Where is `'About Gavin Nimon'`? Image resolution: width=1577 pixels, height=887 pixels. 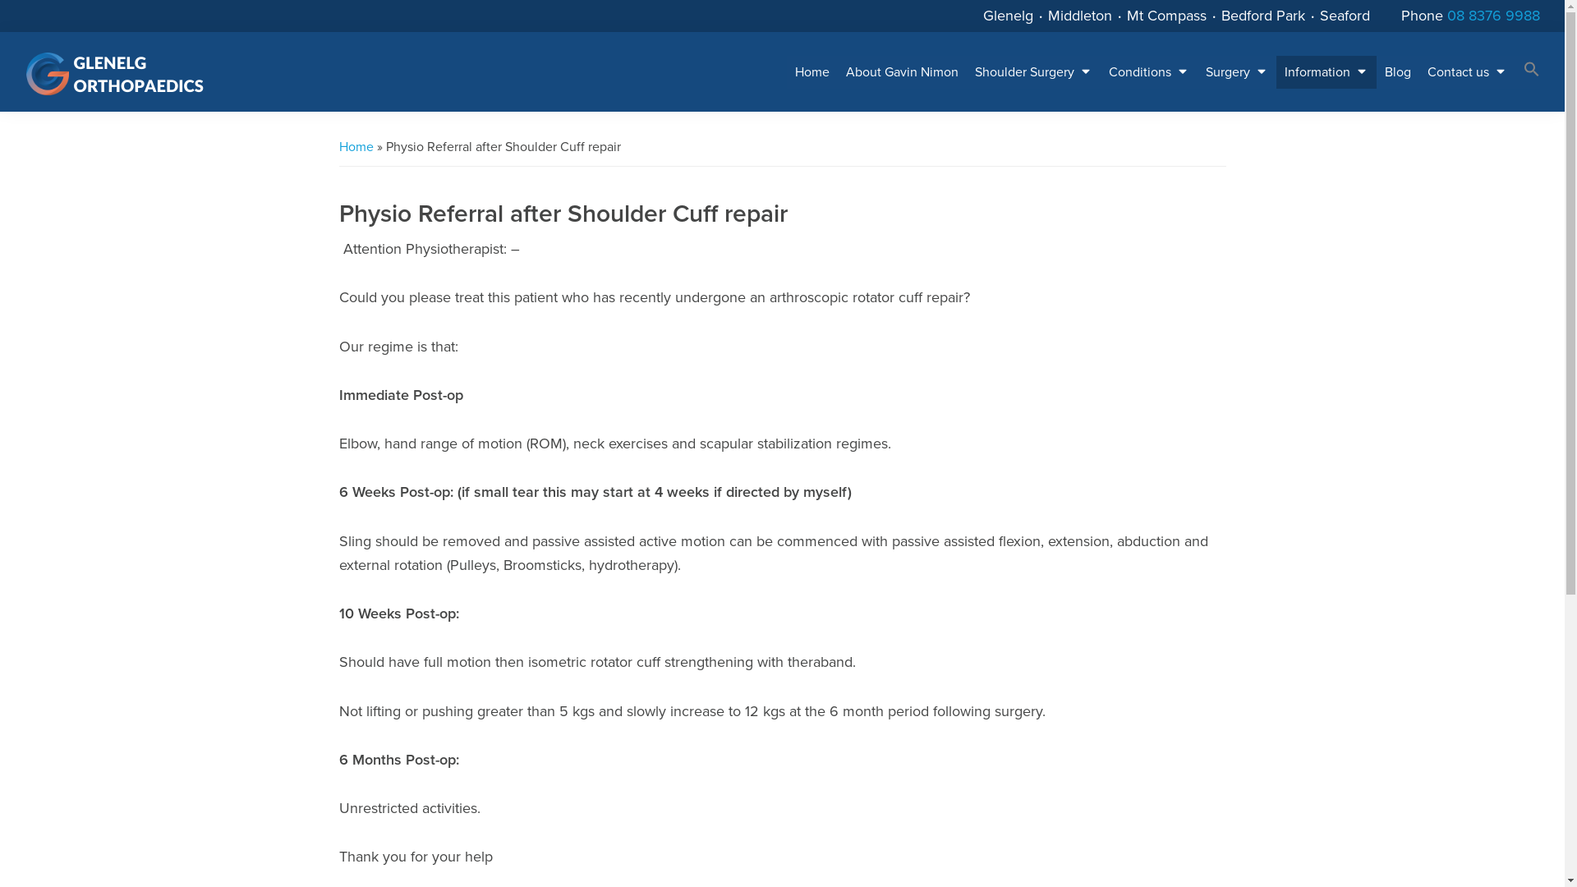
'About Gavin Nimon' is located at coordinates (901, 71).